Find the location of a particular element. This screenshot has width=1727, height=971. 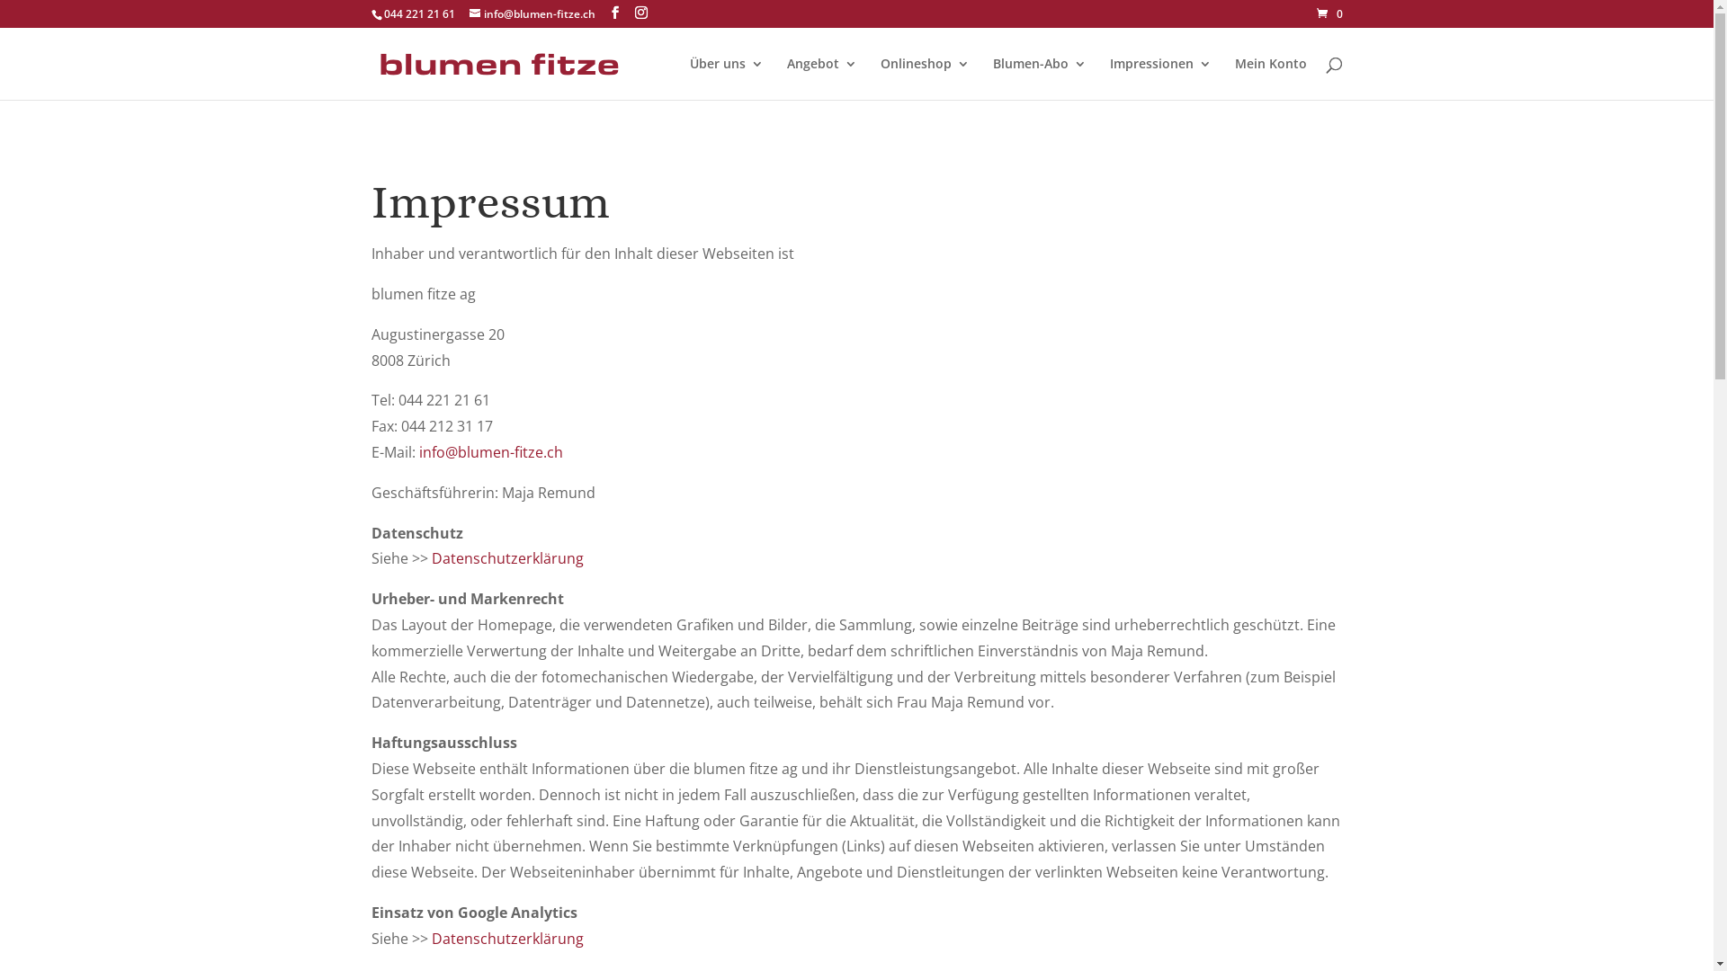

'Mein Konto' is located at coordinates (1268, 77).